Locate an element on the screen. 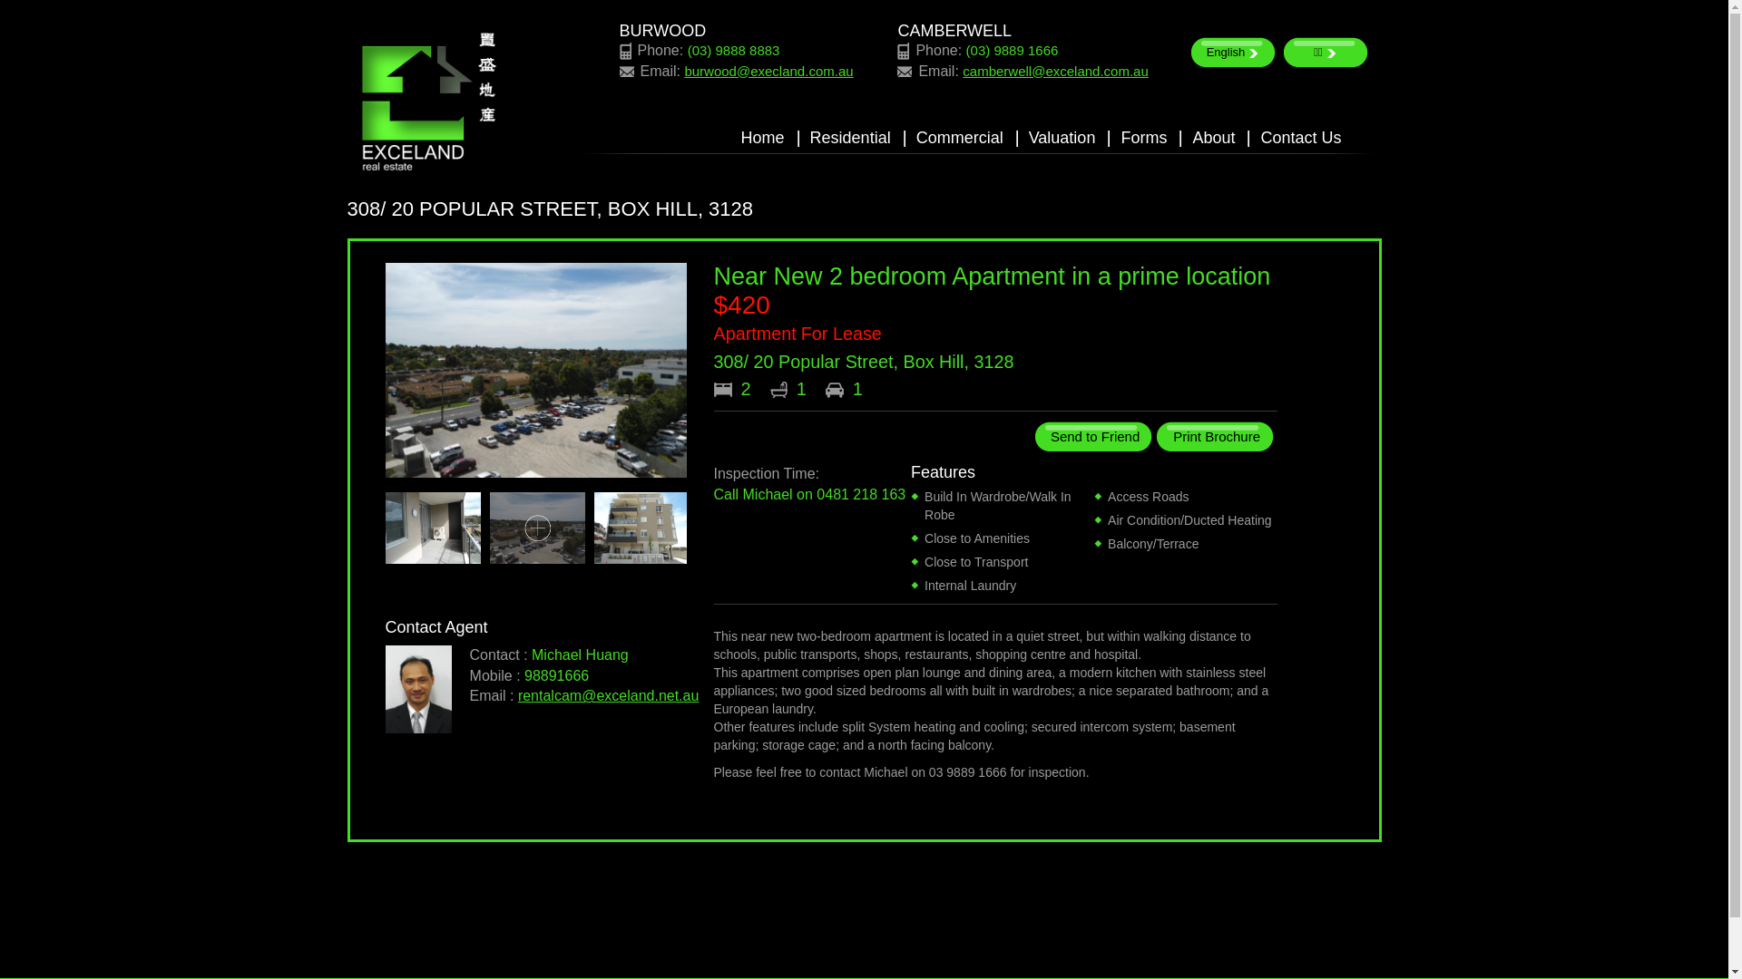  'Valuation' is located at coordinates (1062, 138).